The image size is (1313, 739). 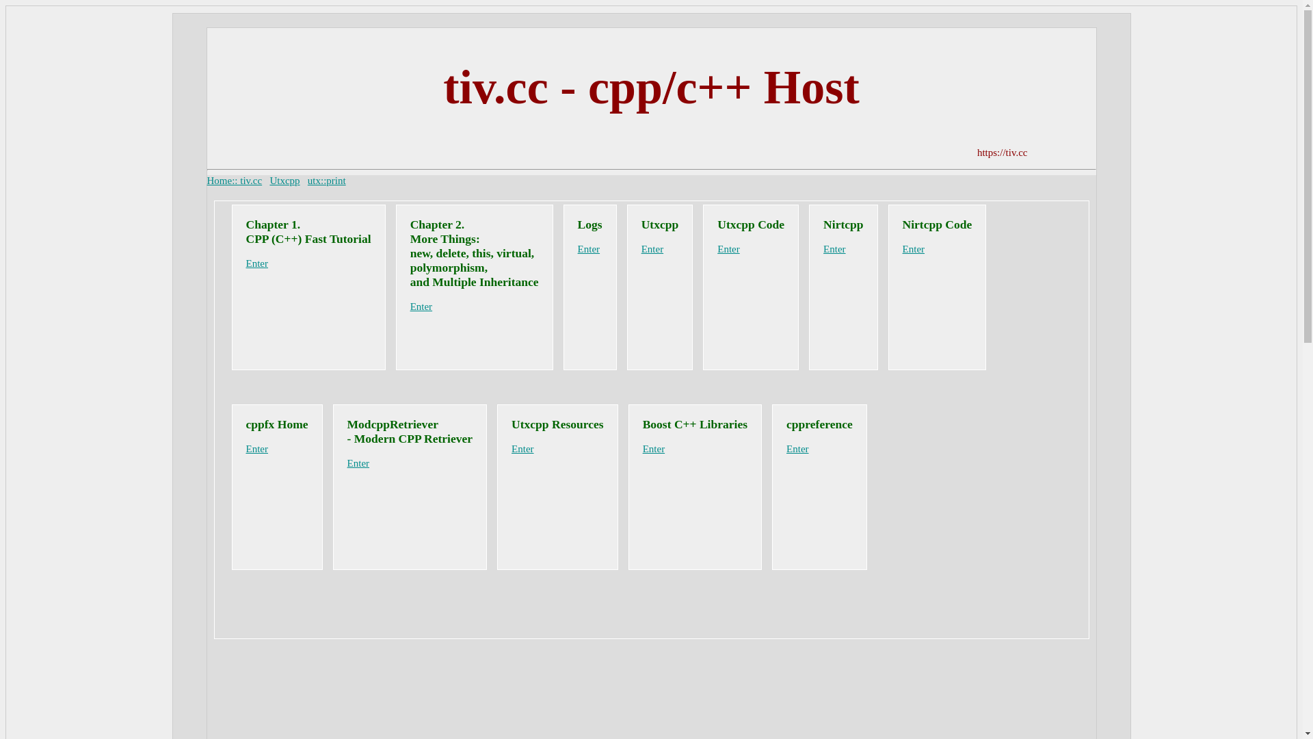 What do you see at coordinates (256, 263) in the screenshot?
I see `'Enter'` at bounding box center [256, 263].